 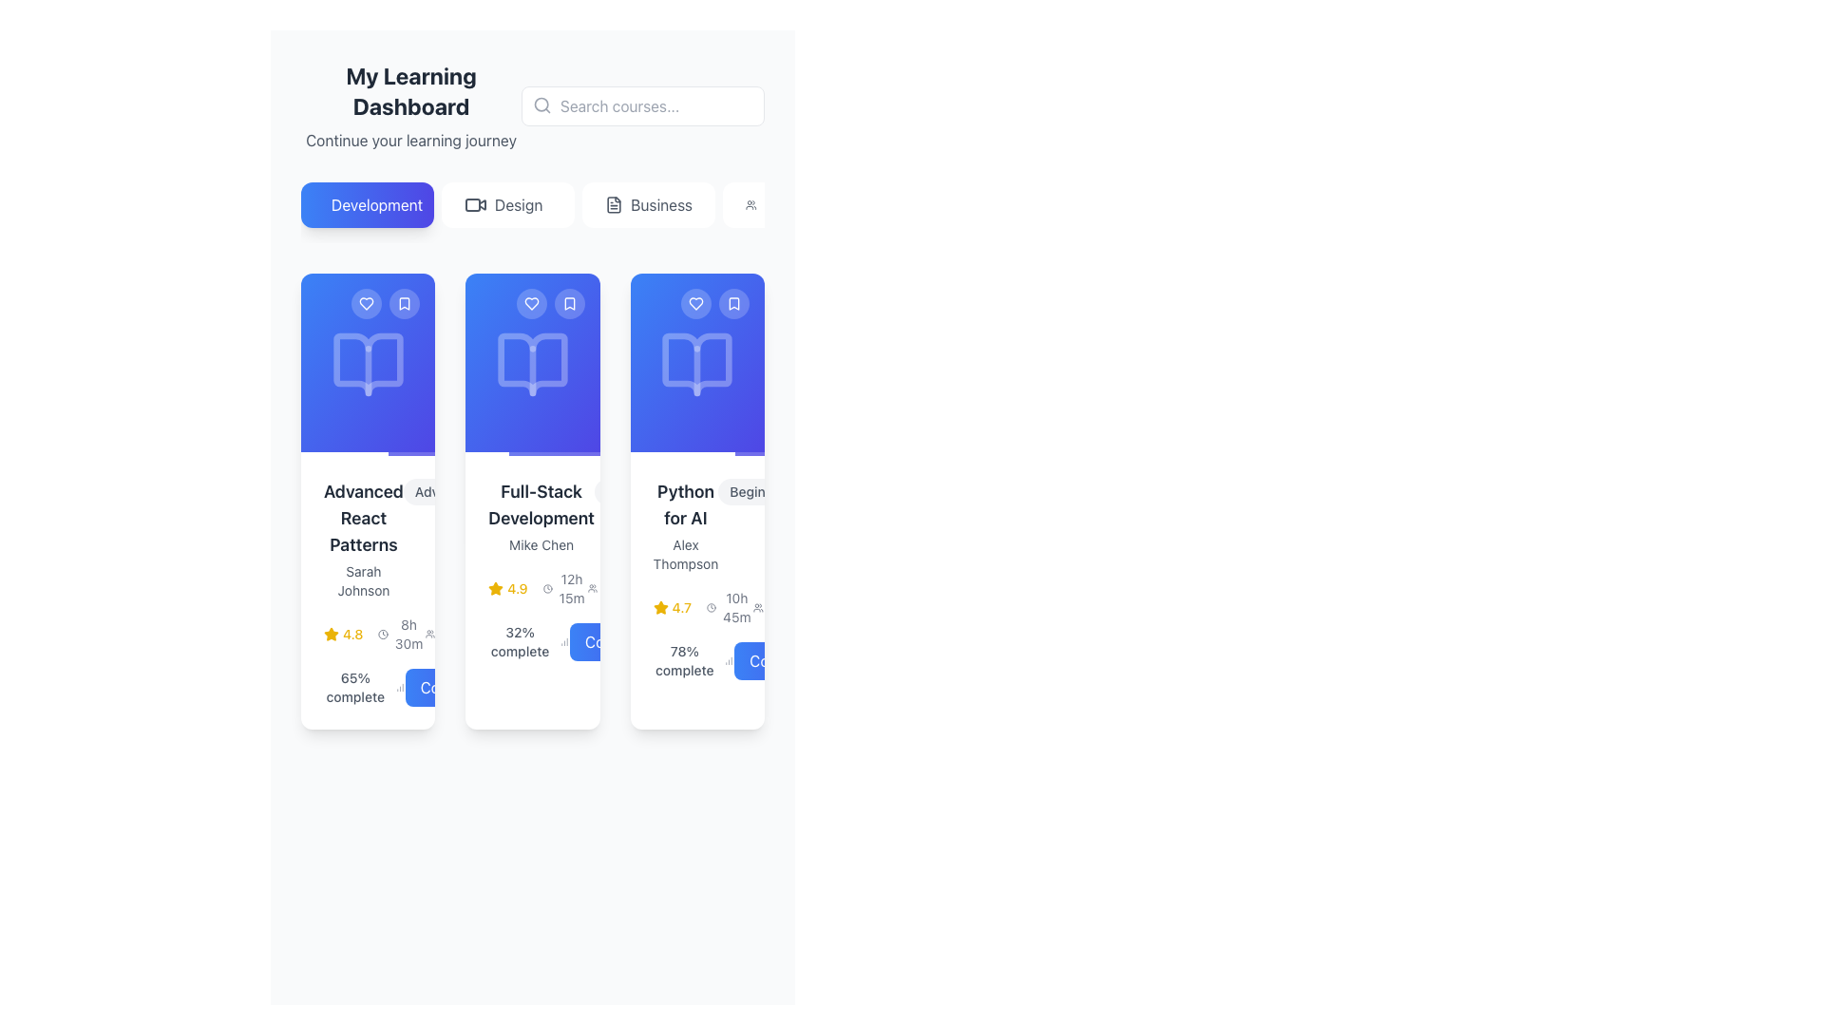 What do you see at coordinates (684, 554) in the screenshot?
I see `the label indicating the author or instructor of the course 'Python for AI', which is centrally aligned underneath the course title in the rightmost card` at bounding box center [684, 554].